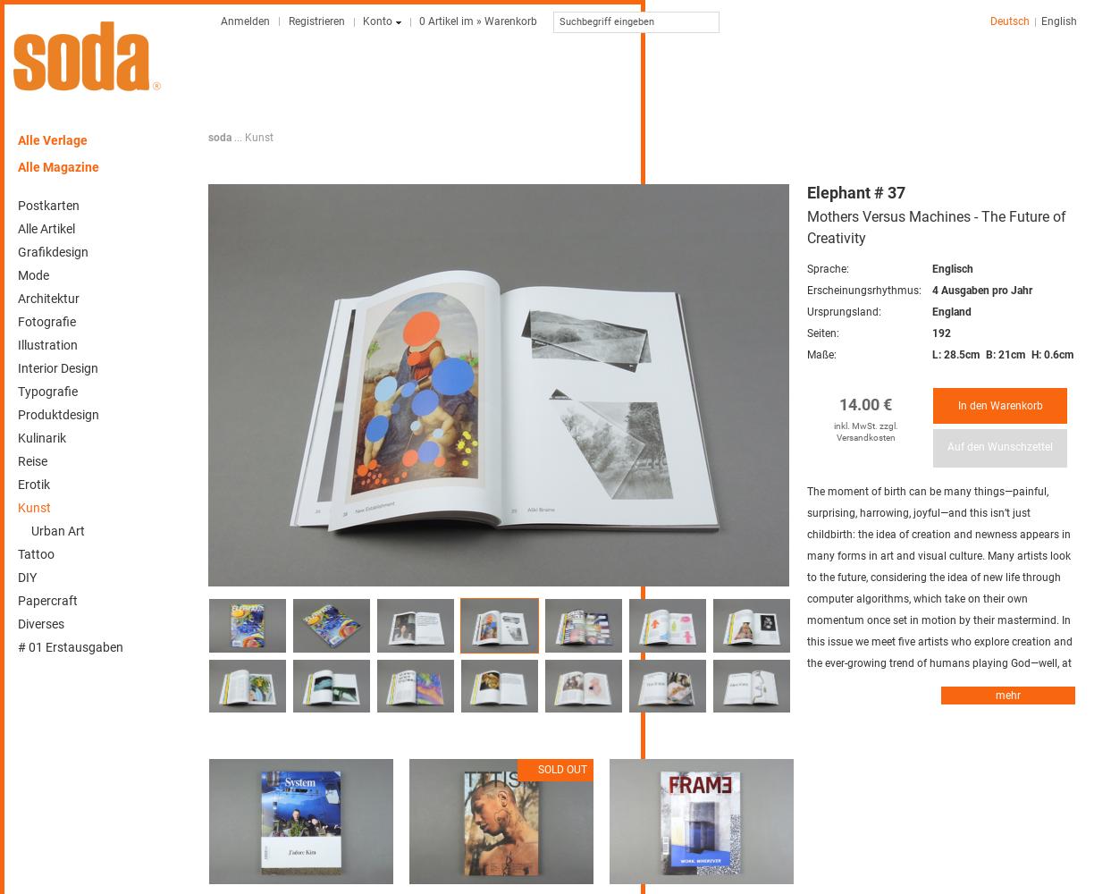 The height and width of the screenshot is (894, 1111). Describe the element at coordinates (1031, 355) in the screenshot. I see `'H: 0.6cm'` at that location.